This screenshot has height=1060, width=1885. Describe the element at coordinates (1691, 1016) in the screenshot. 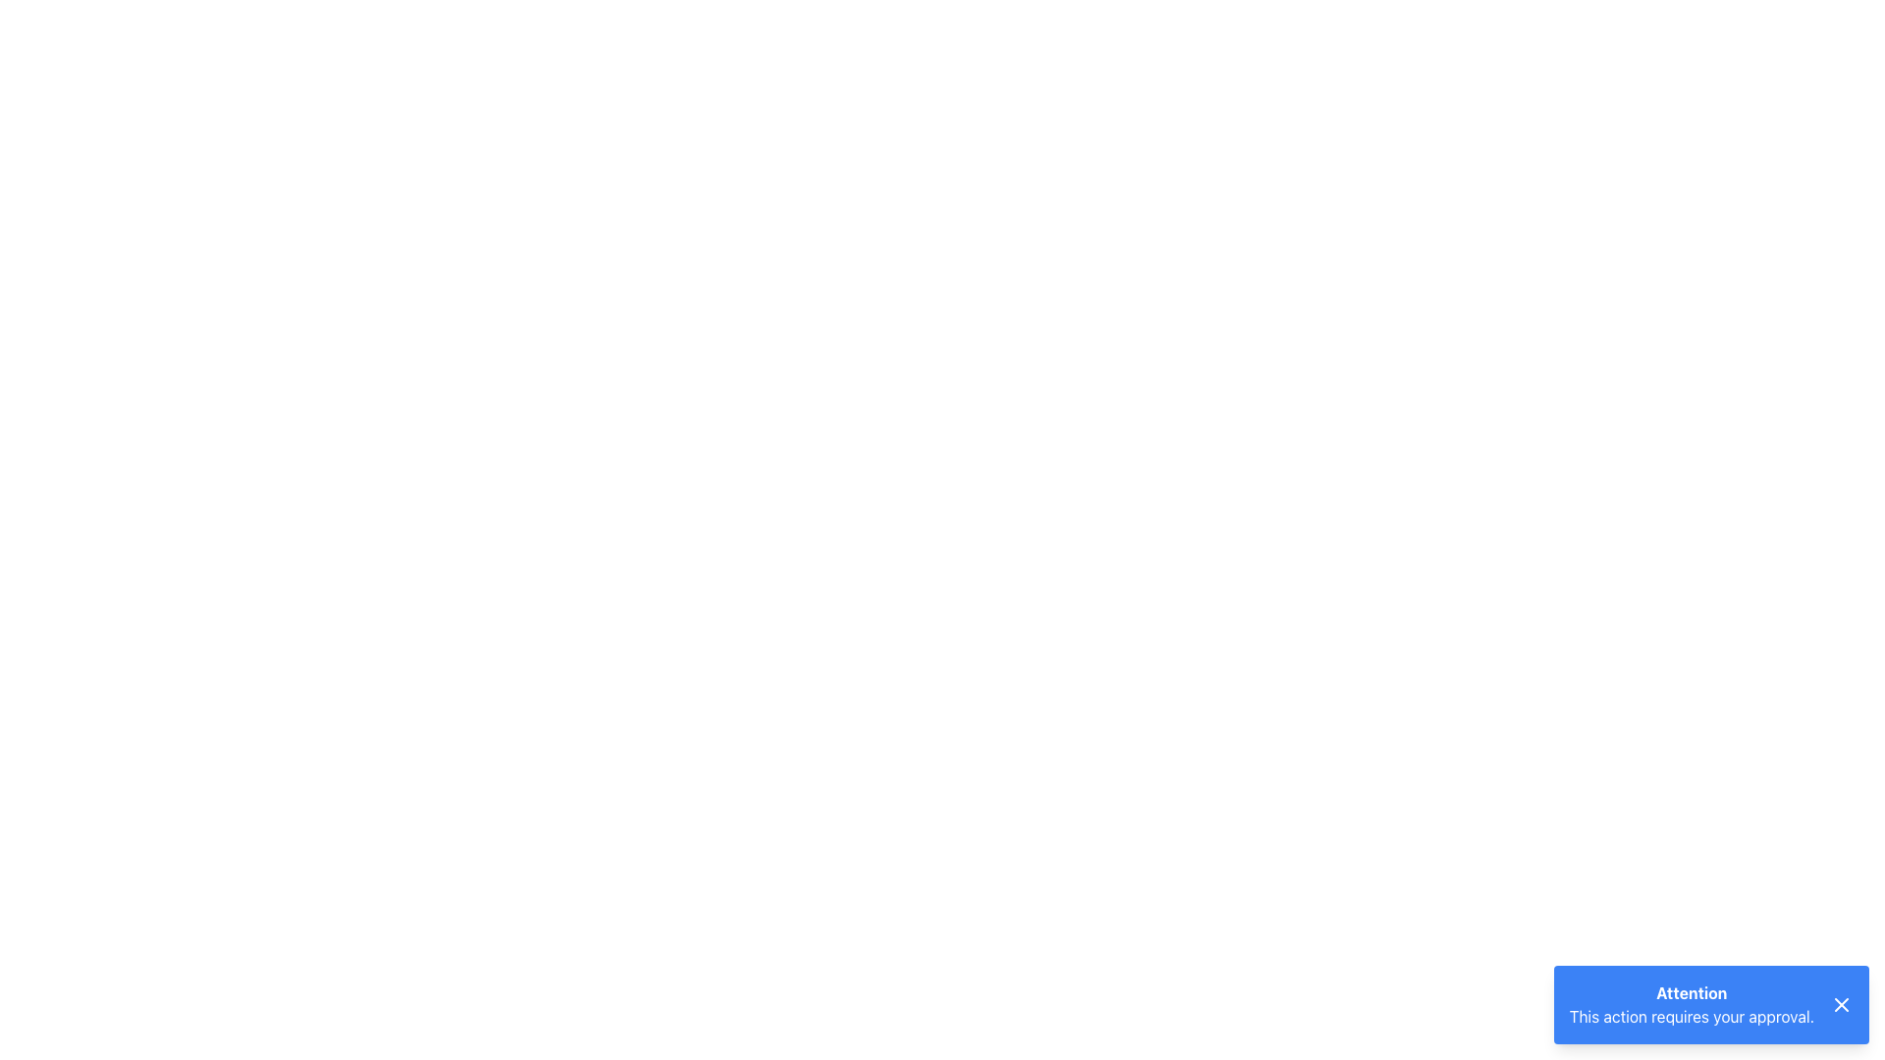

I see `the static text label that reads 'This action requires your approval.' within the blue notification box at the bottom-right of the interface` at that location.